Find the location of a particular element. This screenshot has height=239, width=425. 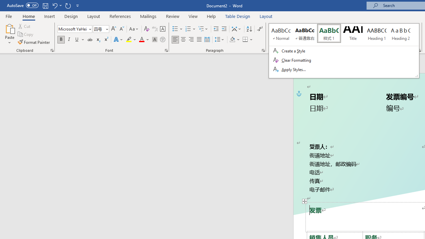

'Repeat Style' is located at coordinates (68, 5).